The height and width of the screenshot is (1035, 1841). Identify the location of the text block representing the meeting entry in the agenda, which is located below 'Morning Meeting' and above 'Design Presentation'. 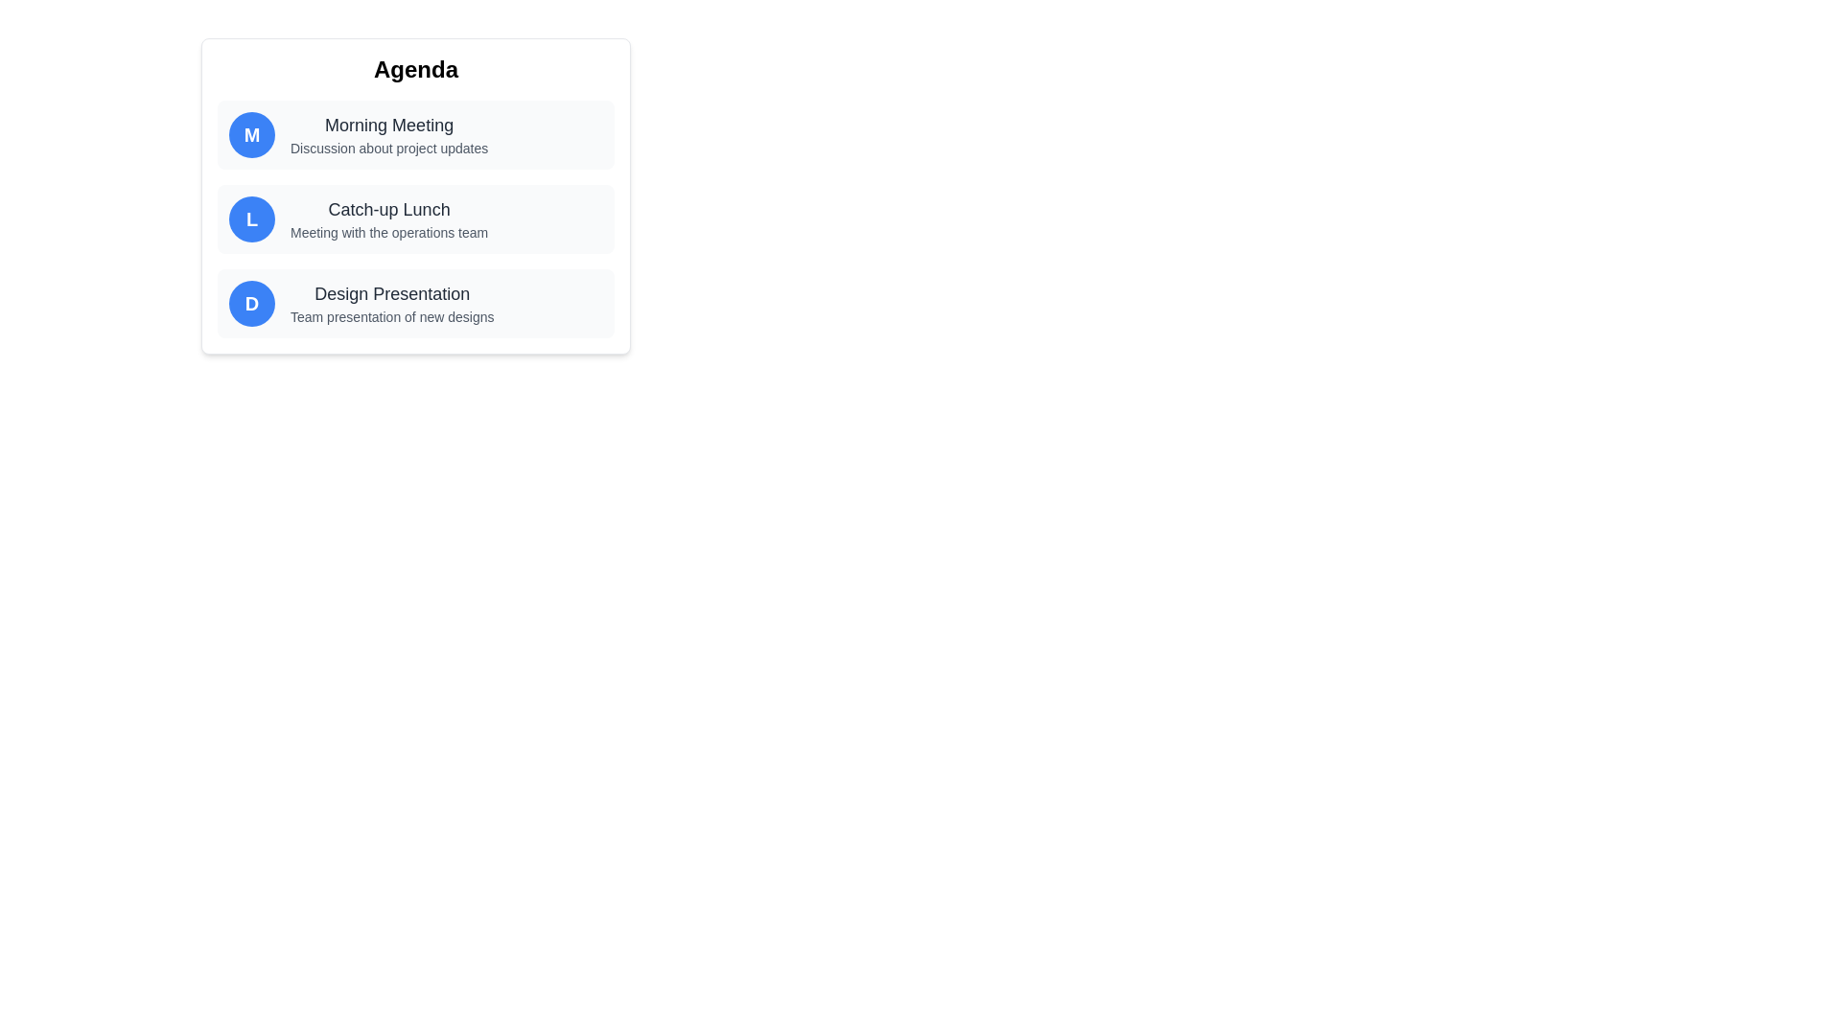
(388, 218).